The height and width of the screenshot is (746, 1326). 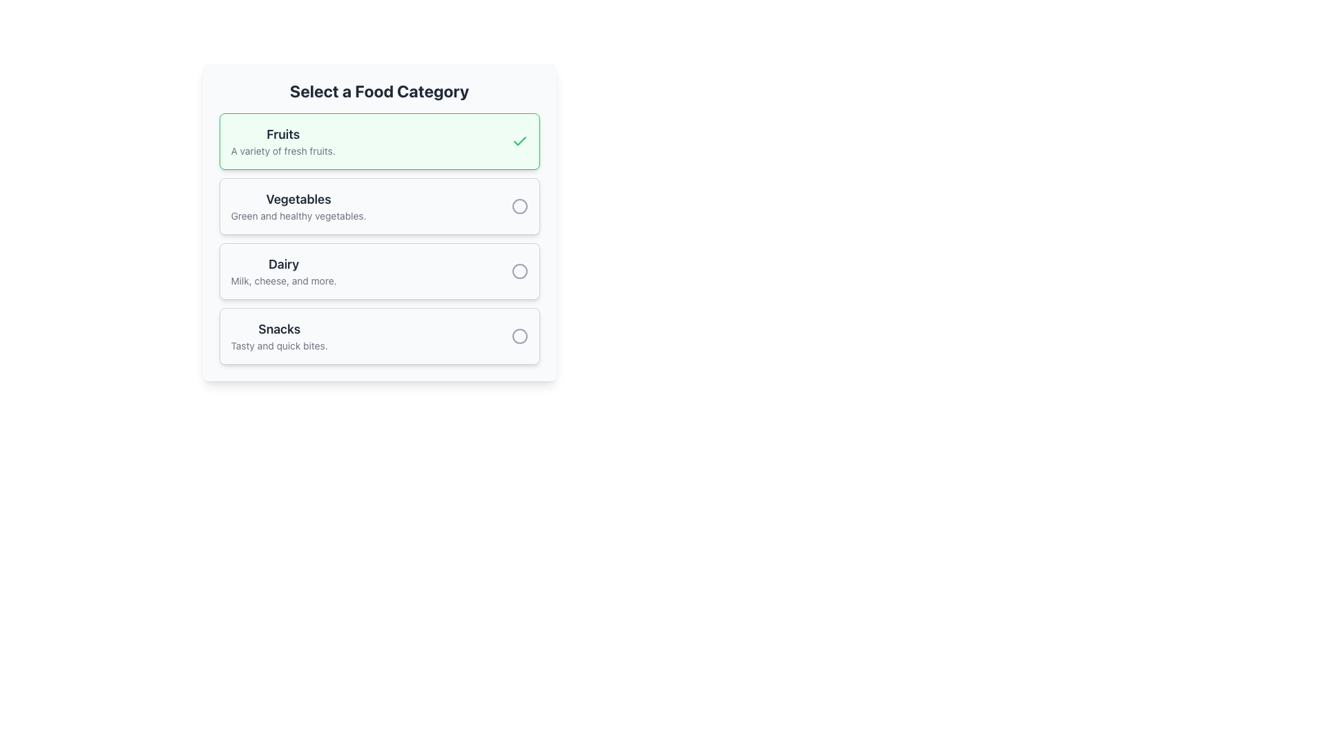 What do you see at coordinates (278, 345) in the screenshot?
I see `static text label that displays 'Tasty and quick bites.' located below the 'Snacks' heading` at bounding box center [278, 345].